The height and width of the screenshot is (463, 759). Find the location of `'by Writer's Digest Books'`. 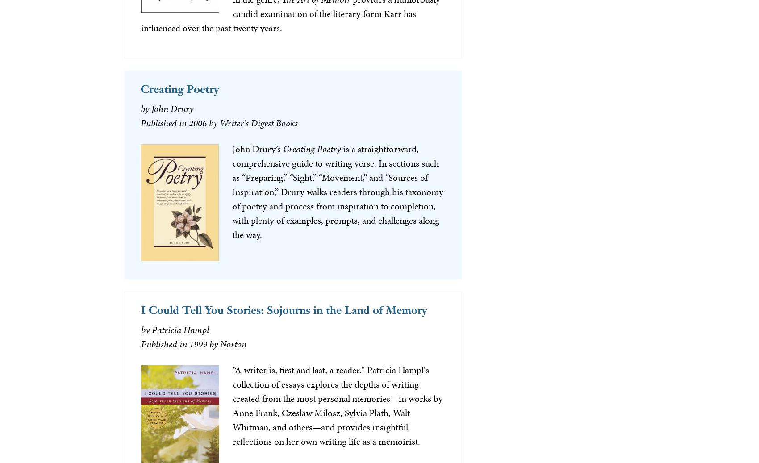

'by Writer's Digest Books' is located at coordinates (252, 122).